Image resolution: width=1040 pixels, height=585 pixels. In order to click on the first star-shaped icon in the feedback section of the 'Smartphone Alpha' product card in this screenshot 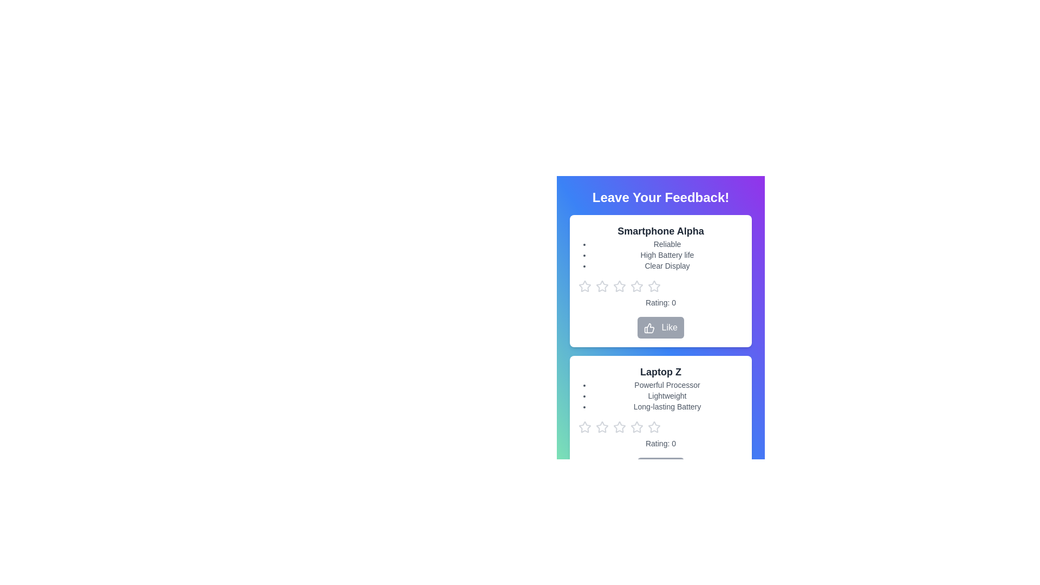, I will do `click(602, 285)`.